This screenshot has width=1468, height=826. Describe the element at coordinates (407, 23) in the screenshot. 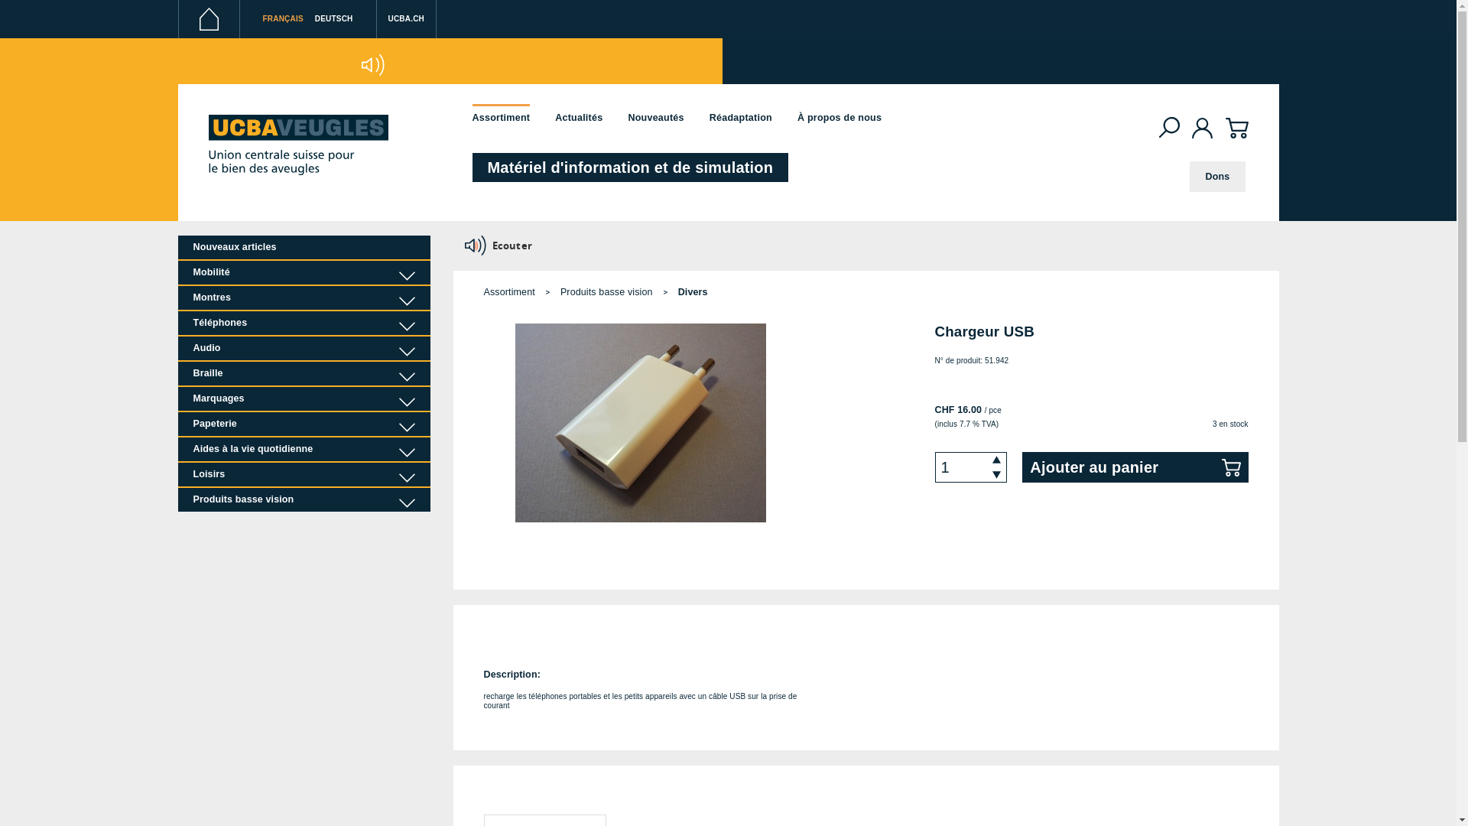

I see `'UCBA.CH'` at that location.